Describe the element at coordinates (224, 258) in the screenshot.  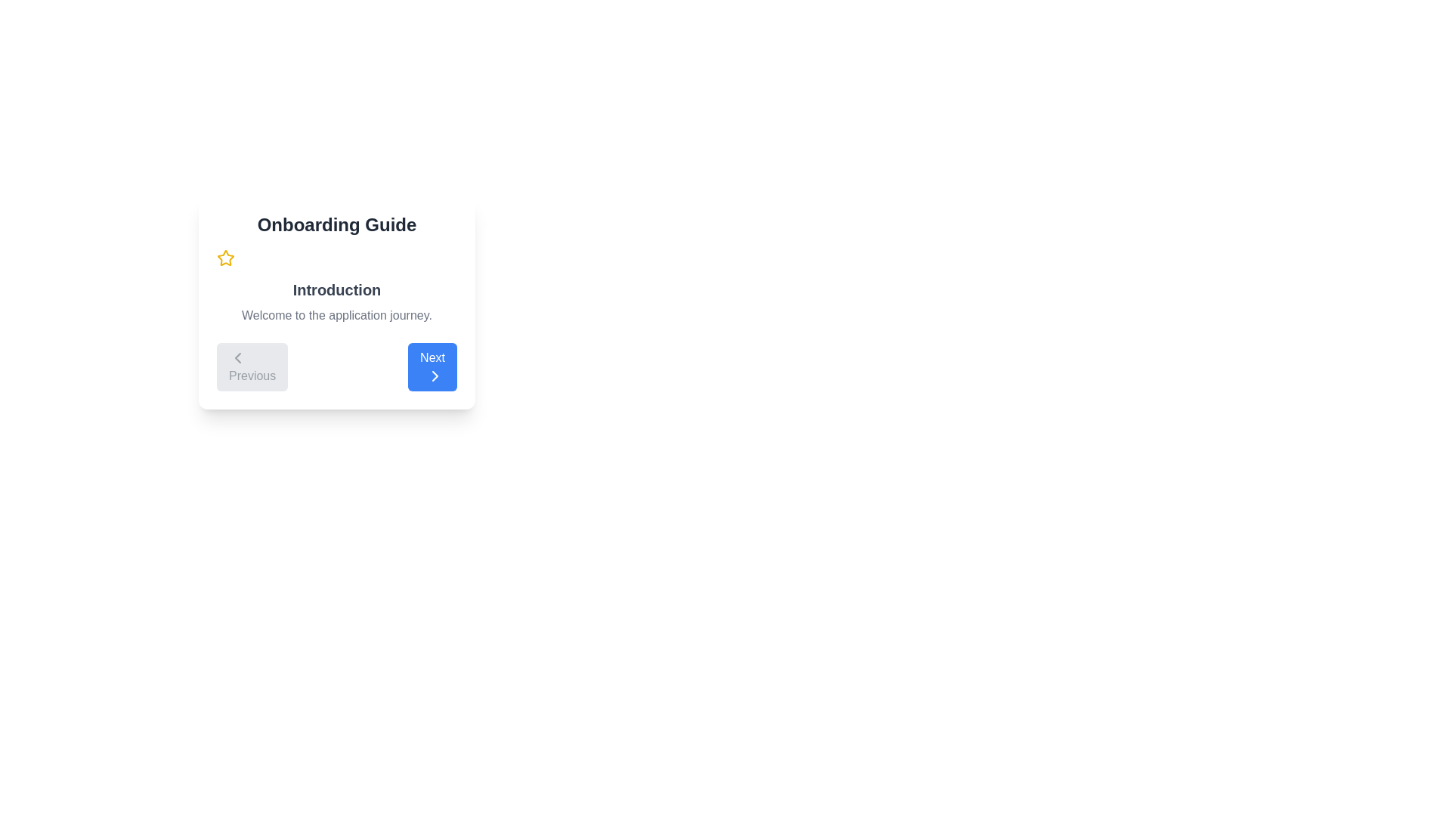
I see `the star-shaped icon with a yellow outline located in the upper-left corner of the onboarding guide box` at that location.